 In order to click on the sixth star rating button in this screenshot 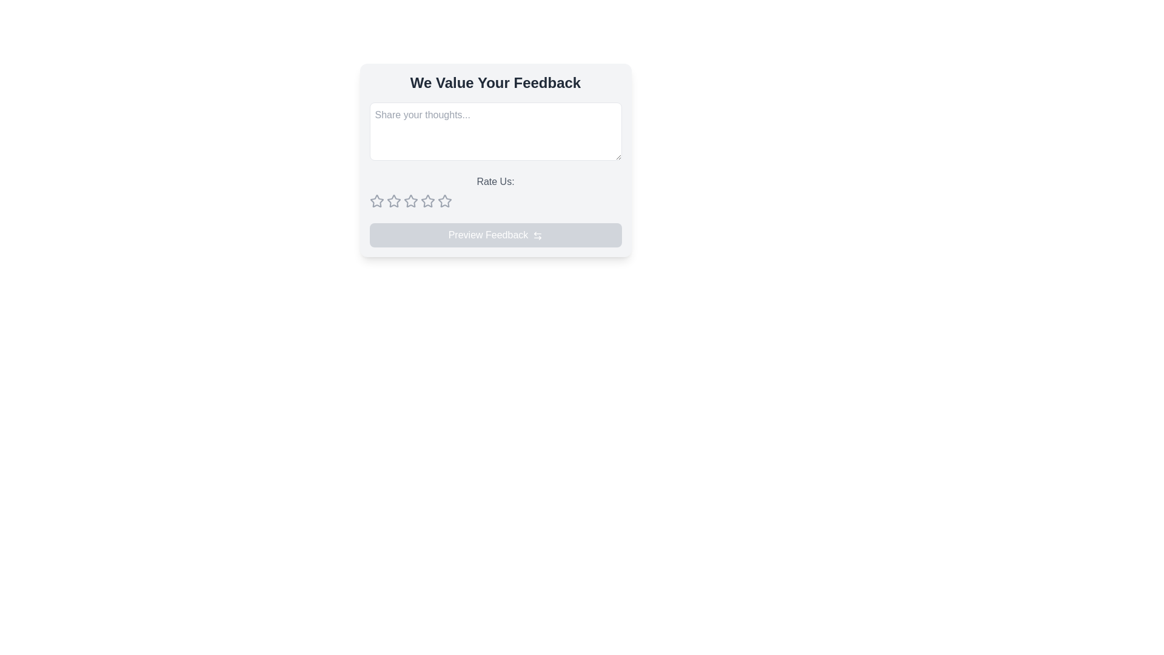, I will do `click(427, 200)`.